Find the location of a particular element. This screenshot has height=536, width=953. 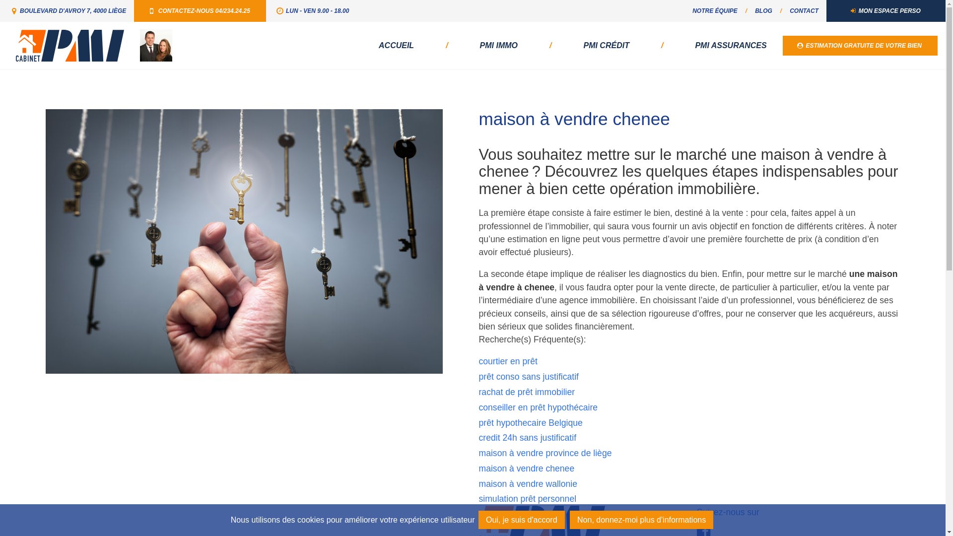

'credit 24h sans justificatif' is located at coordinates (527, 437).